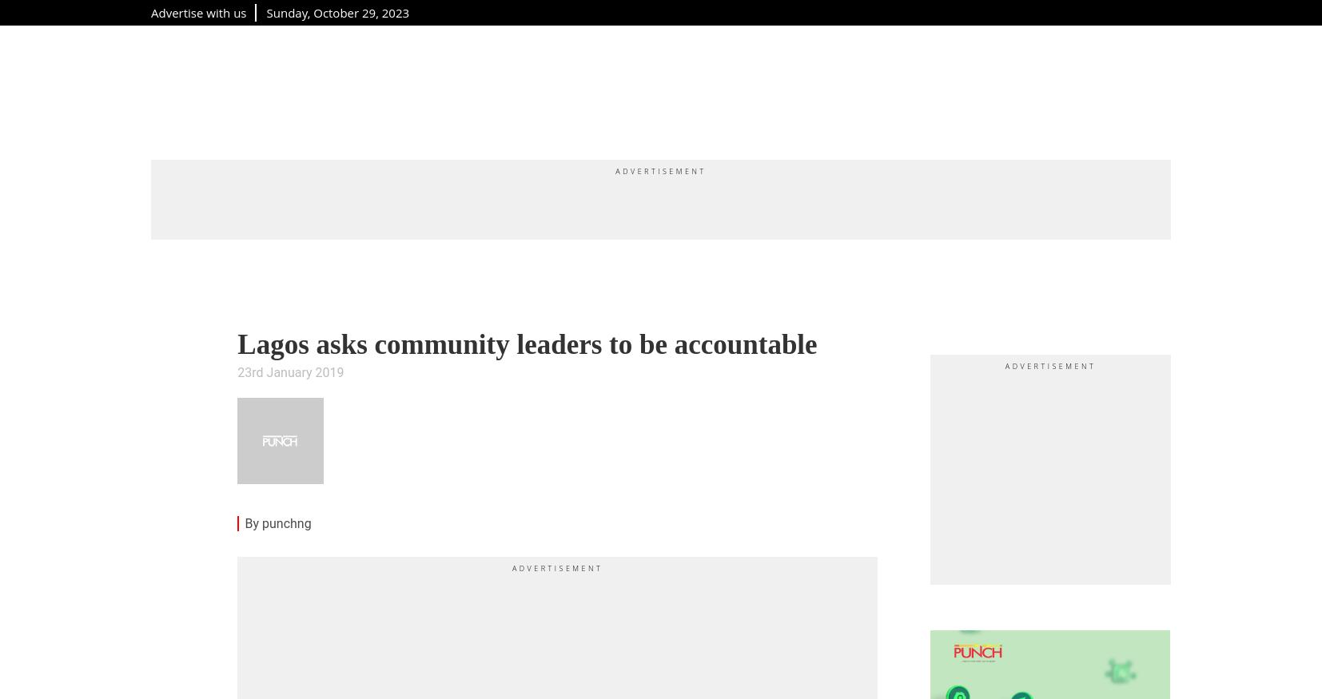  Describe the element at coordinates (832, 89) in the screenshot. I see `'HealthWise'` at that location.